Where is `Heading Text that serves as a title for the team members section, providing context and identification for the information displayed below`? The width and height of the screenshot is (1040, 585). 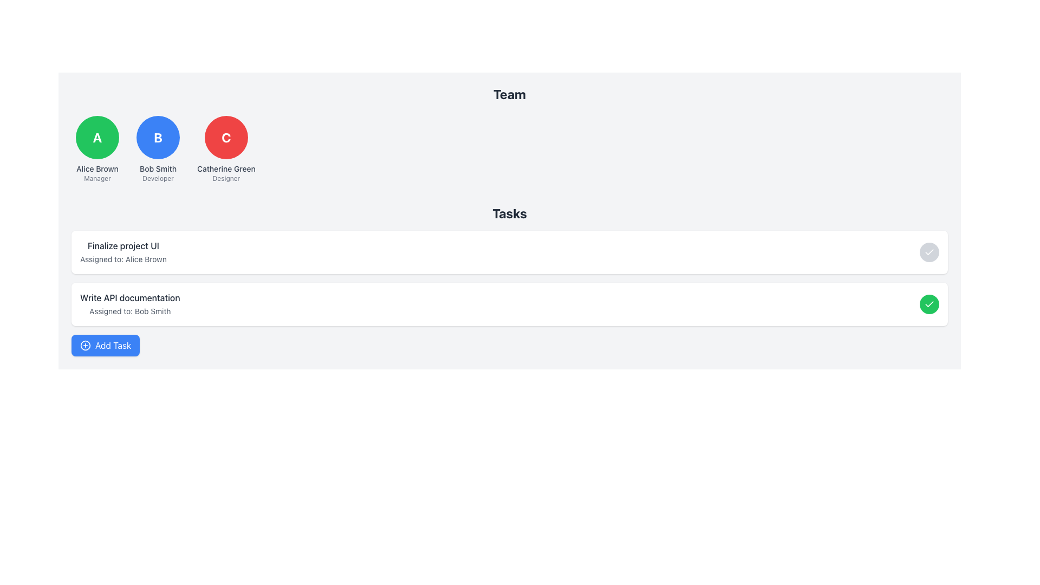 Heading Text that serves as a title for the team members section, providing context and identification for the information displayed below is located at coordinates (509, 93).